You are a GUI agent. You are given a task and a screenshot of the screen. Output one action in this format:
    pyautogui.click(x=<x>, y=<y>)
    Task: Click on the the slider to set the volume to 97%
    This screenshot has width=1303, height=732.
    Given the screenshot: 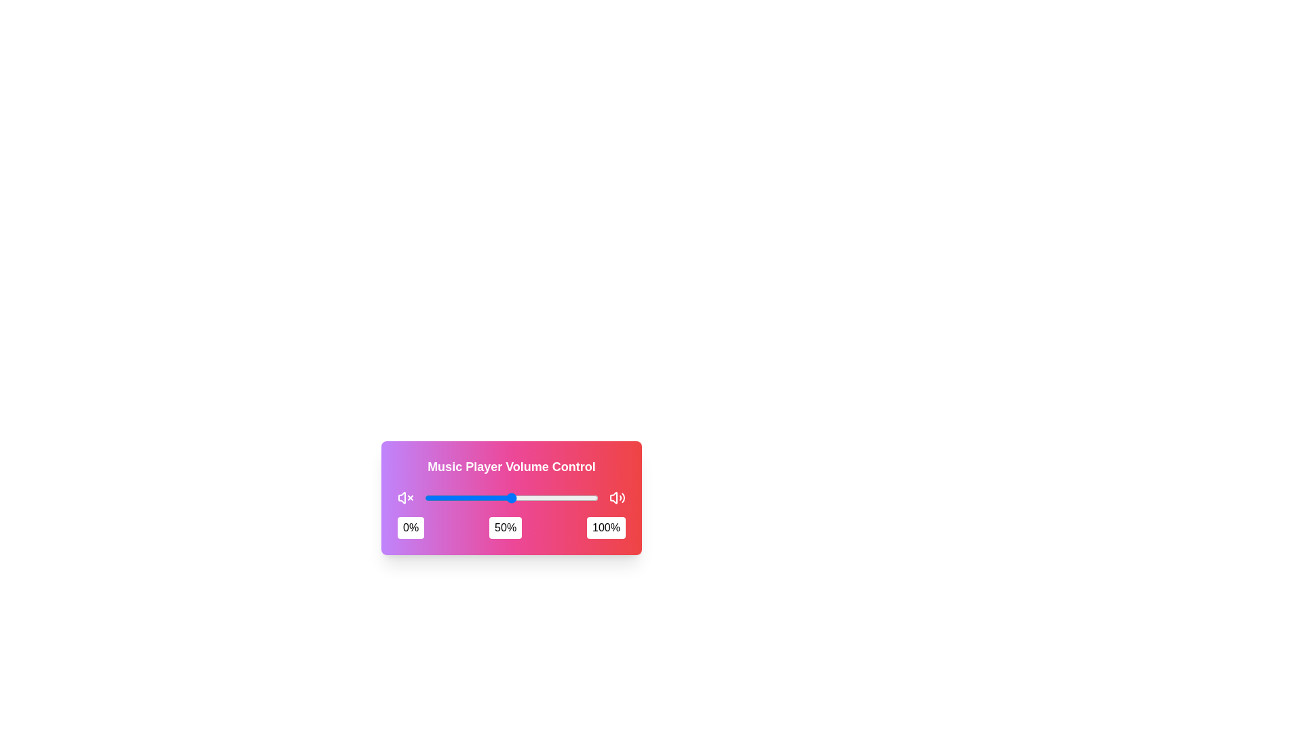 What is the action you would take?
    pyautogui.click(x=592, y=498)
    